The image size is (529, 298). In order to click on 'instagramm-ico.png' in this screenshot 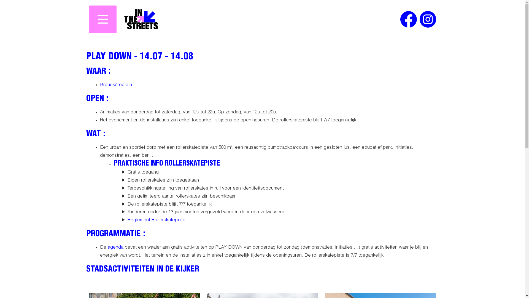, I will do `click(427, 19)`.